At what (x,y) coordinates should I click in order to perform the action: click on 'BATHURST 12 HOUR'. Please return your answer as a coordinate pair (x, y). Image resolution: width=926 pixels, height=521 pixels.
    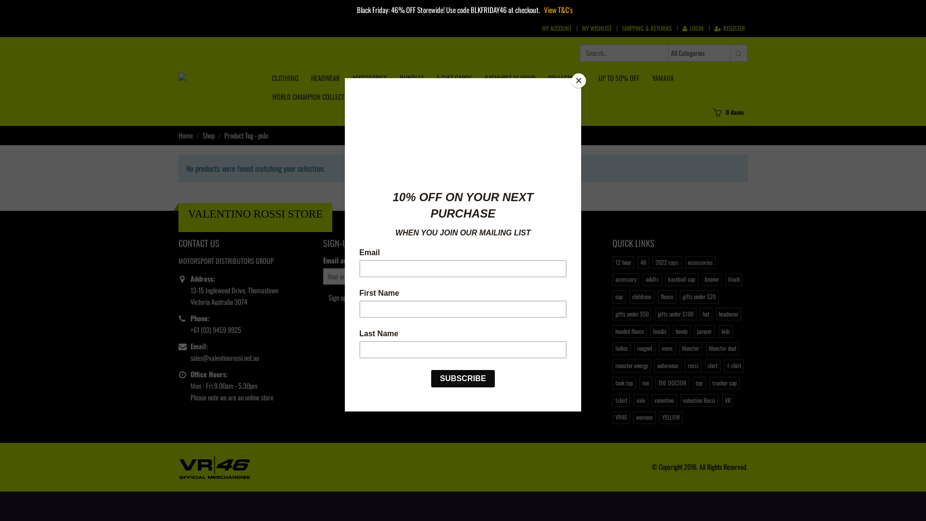
    Looking at the image, I should click on (509, 77).